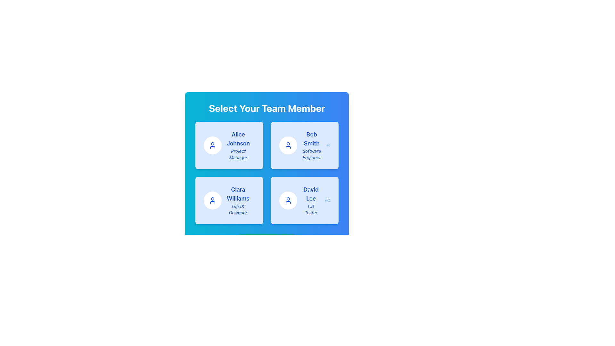 The height and width of the screenshot is (346, 615). What do you see at coordinates (311, 200) in the screenshot?
I see `text content displayed in the Text Display element showing the name 'David Lee' and the role 'QA Tester', which is prominently styled within a bordered card component in the bottom-right card of the grid` at bounding box center [311, 200].